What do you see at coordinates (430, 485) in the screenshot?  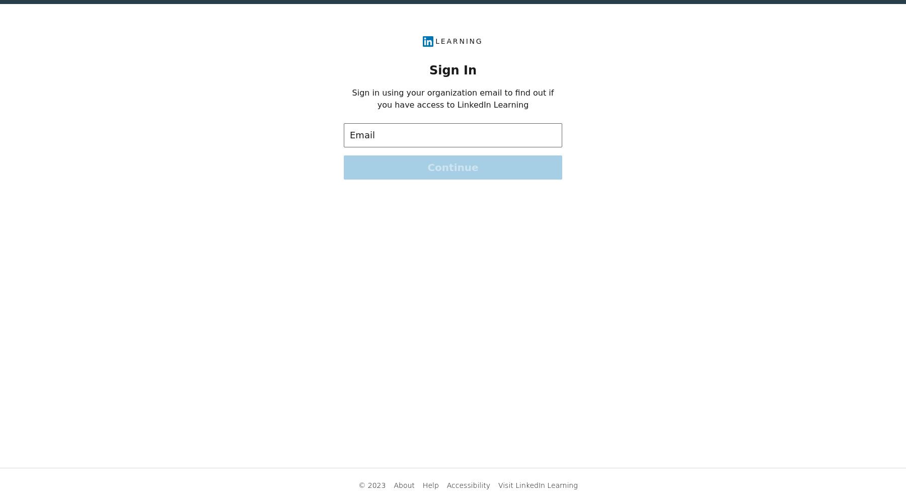 I see `'Help'` at bounding box center [430, 485].